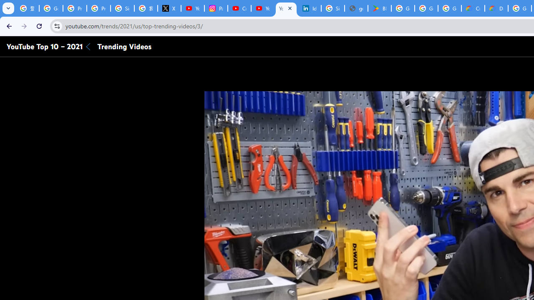 This screenshot has height=300, width=534. Describe the element at coordinates (379, 8) in the screenshot. I see `'Bluey: Let'` at that location.